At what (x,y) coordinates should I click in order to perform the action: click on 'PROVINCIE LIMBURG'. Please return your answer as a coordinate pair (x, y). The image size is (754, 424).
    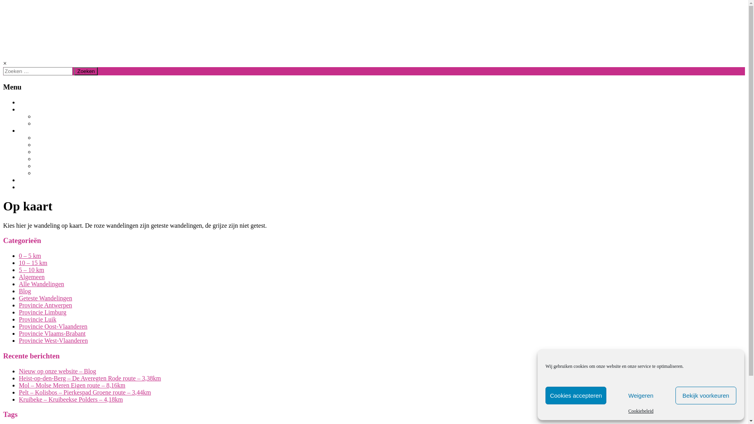
    Looking at the image, I should click on (63, 137).